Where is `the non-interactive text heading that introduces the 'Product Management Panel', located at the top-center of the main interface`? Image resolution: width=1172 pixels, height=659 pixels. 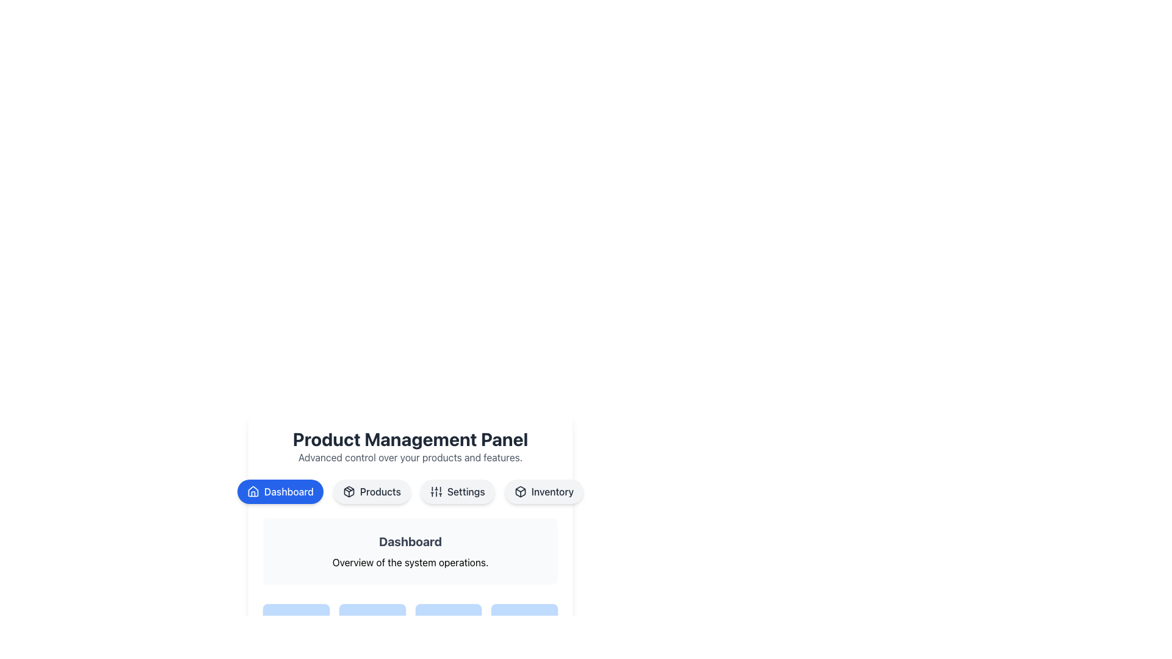
the non-interactive text heading that introduces the 'Product Management Panel', located at the top-center of the main interface is located at coordinates (410, 439).